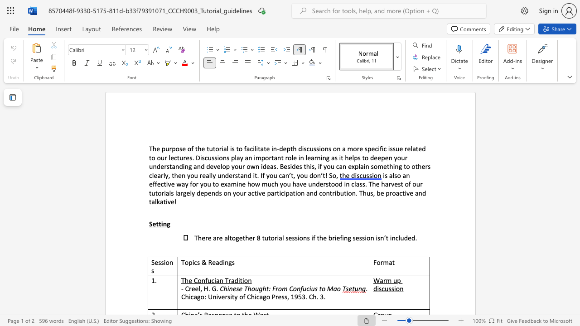 The width and height of the screenshot is (580, 326). Describe the element at coordinates (310, 288) in the screenshot. I see `the 2th character "i" in the text` at that location.